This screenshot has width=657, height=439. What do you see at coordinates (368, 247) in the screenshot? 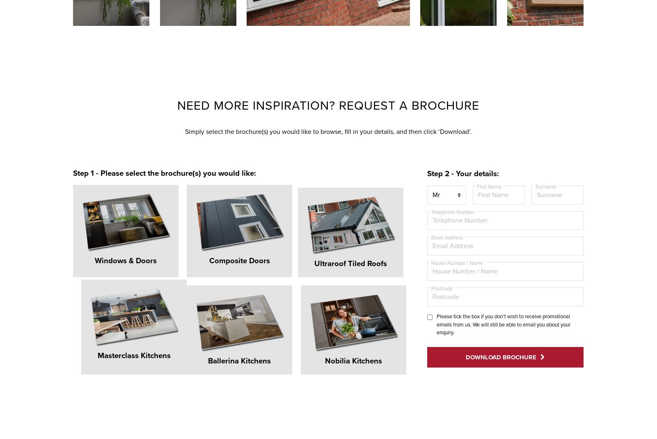
I see `'Masterclass Kitchens'` at bounding box center [368, 247].